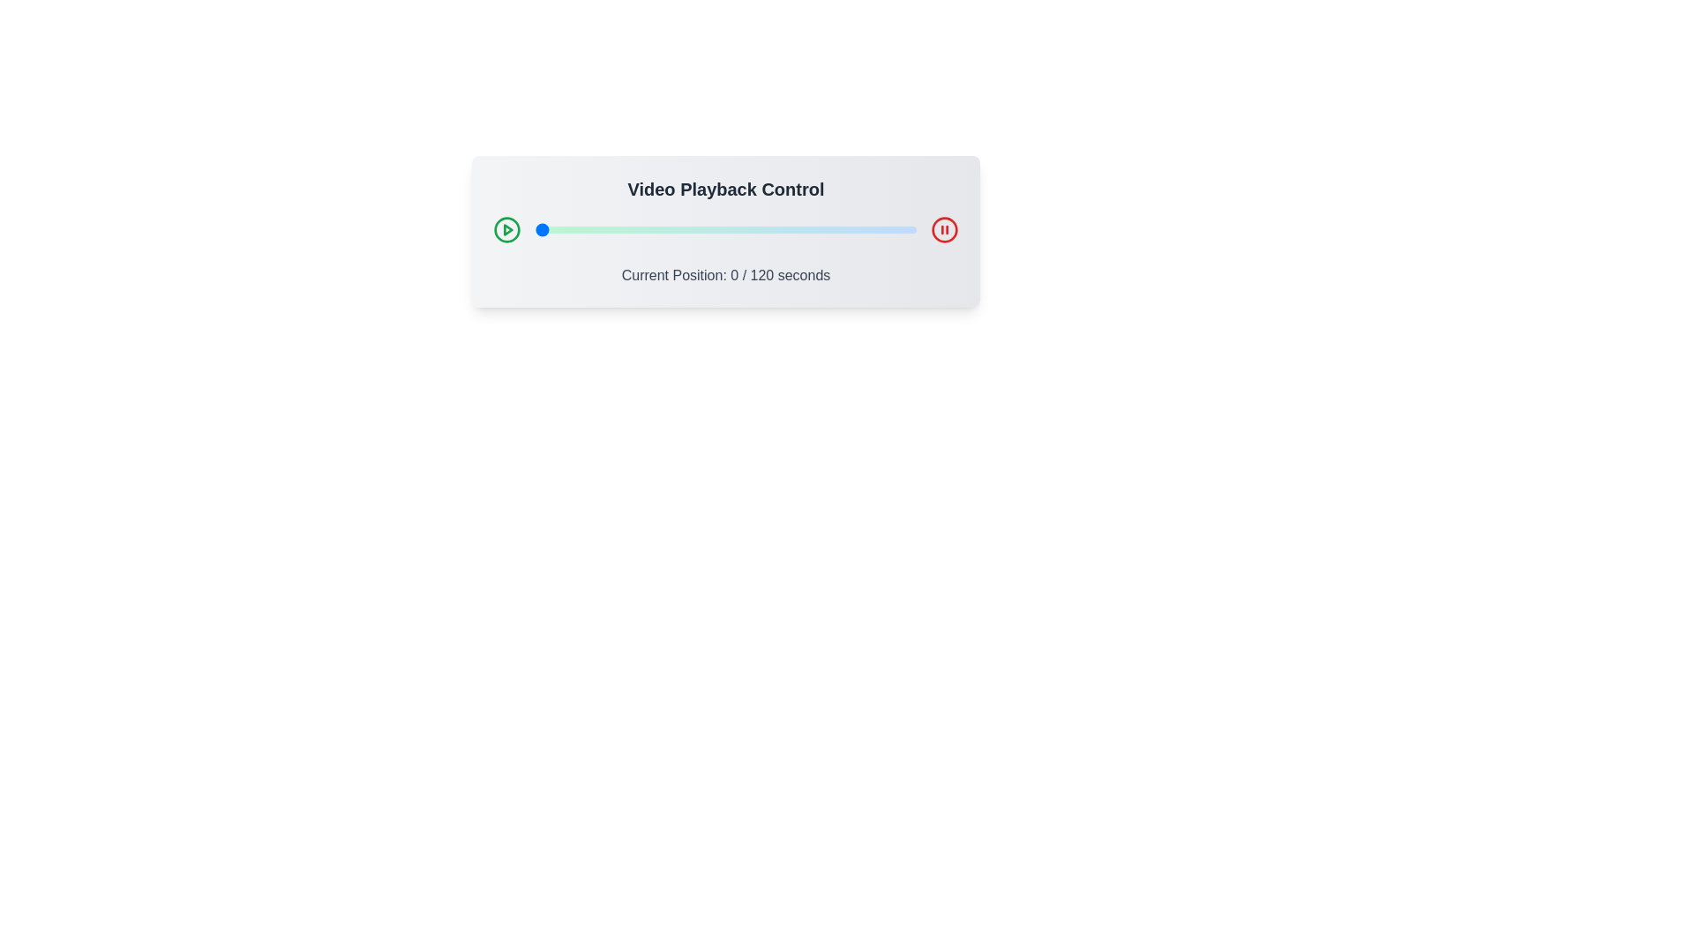 The image size is (1694, 952). I want to click on the video playback slider to 13 seconds, so click(576, 229).